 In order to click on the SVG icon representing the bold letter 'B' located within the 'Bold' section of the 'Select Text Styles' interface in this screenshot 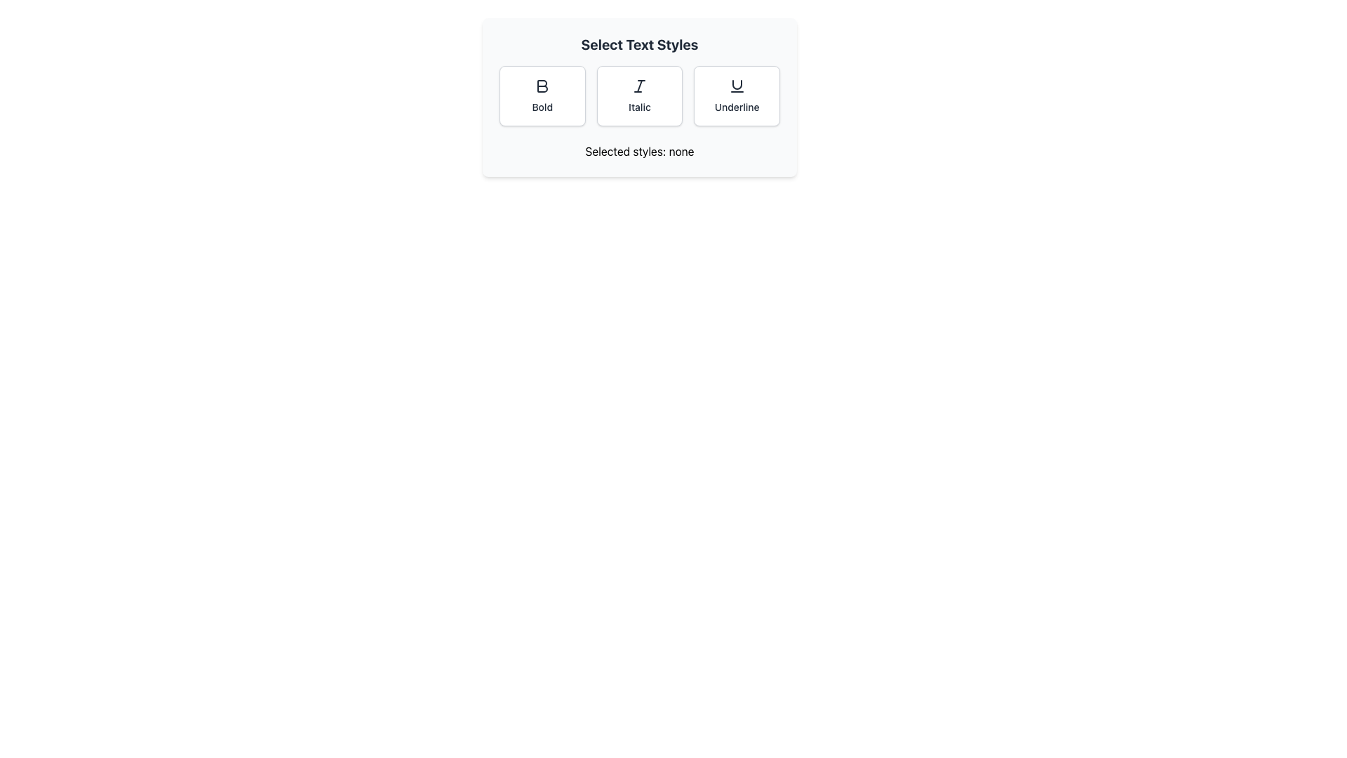, I will do `click(542, 86)`.